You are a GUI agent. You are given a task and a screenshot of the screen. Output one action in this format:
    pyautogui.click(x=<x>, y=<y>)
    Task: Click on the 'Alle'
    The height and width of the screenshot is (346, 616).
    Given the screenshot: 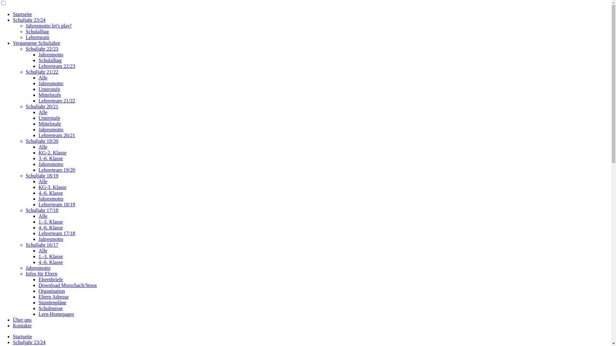 What is the action you would take?
    pyautogui.click(x=43, y=77)
    